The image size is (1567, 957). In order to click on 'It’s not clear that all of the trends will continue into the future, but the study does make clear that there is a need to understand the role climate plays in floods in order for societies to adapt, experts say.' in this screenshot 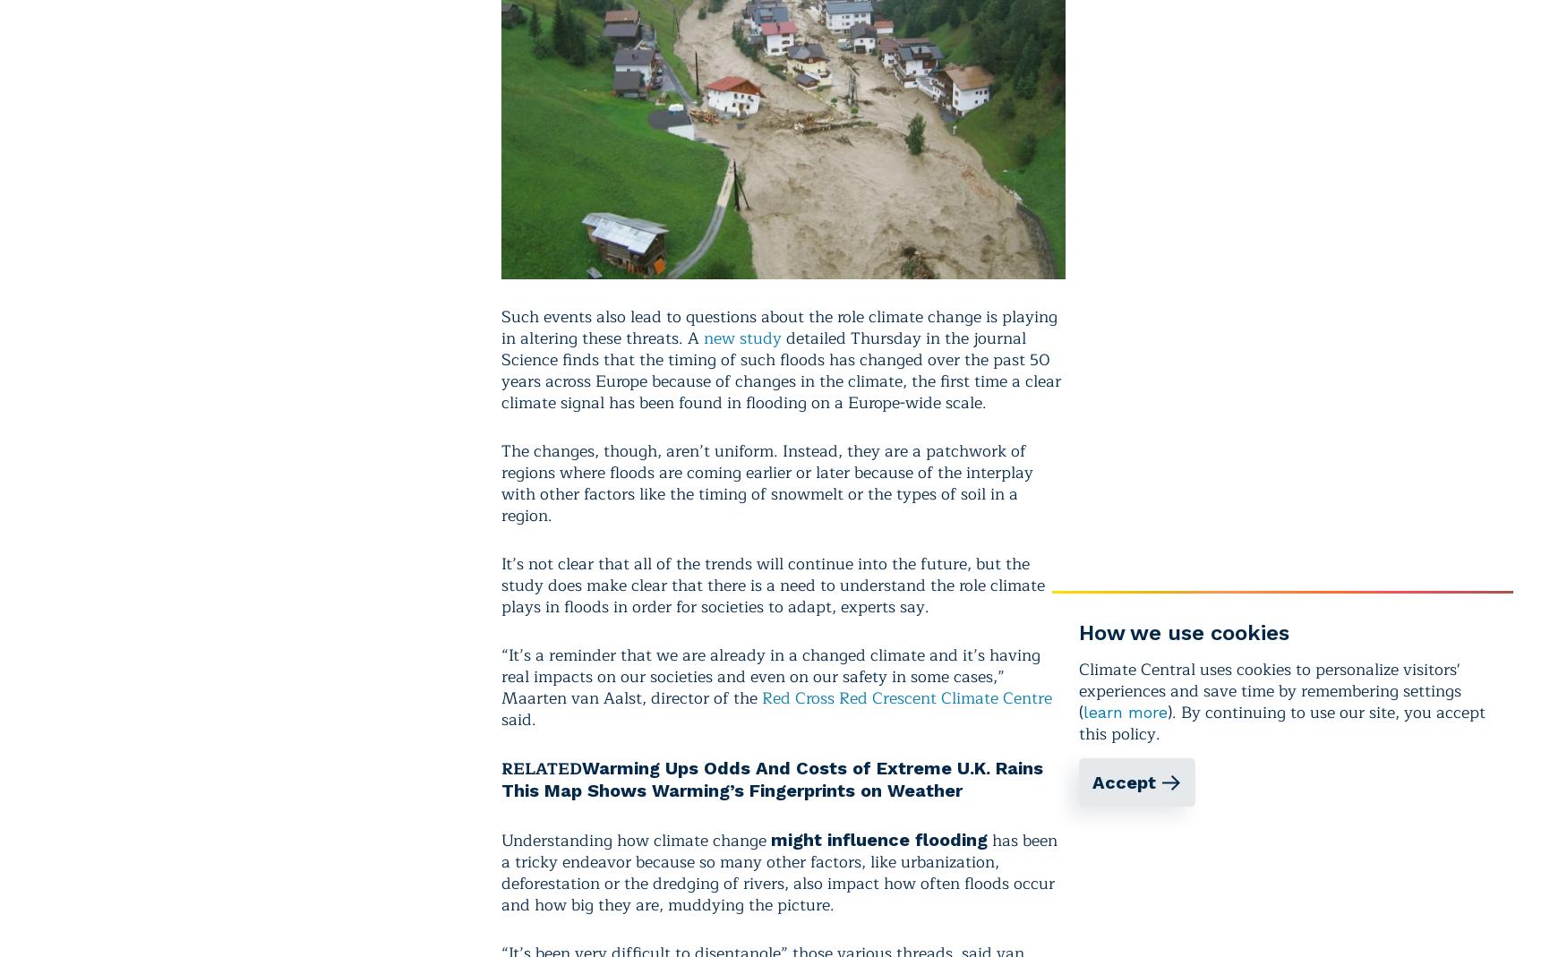, I will do `click(773, 584)`.